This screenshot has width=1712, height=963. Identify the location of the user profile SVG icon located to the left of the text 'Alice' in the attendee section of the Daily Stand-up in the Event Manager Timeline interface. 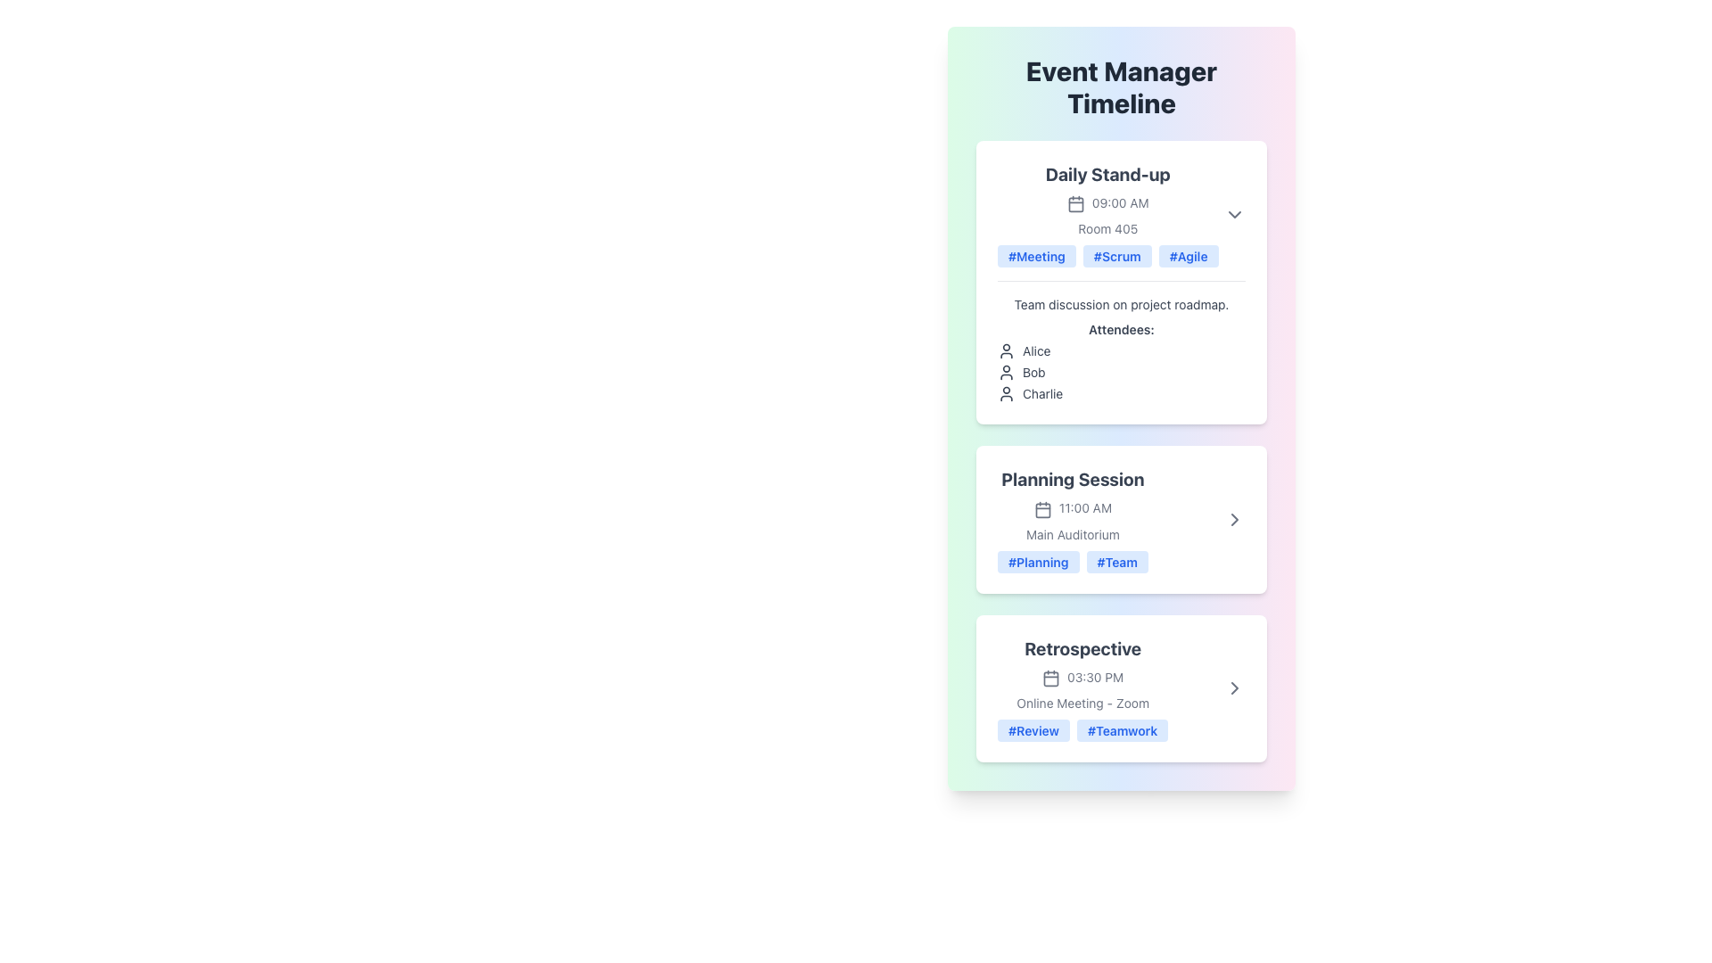
(1006, 350).